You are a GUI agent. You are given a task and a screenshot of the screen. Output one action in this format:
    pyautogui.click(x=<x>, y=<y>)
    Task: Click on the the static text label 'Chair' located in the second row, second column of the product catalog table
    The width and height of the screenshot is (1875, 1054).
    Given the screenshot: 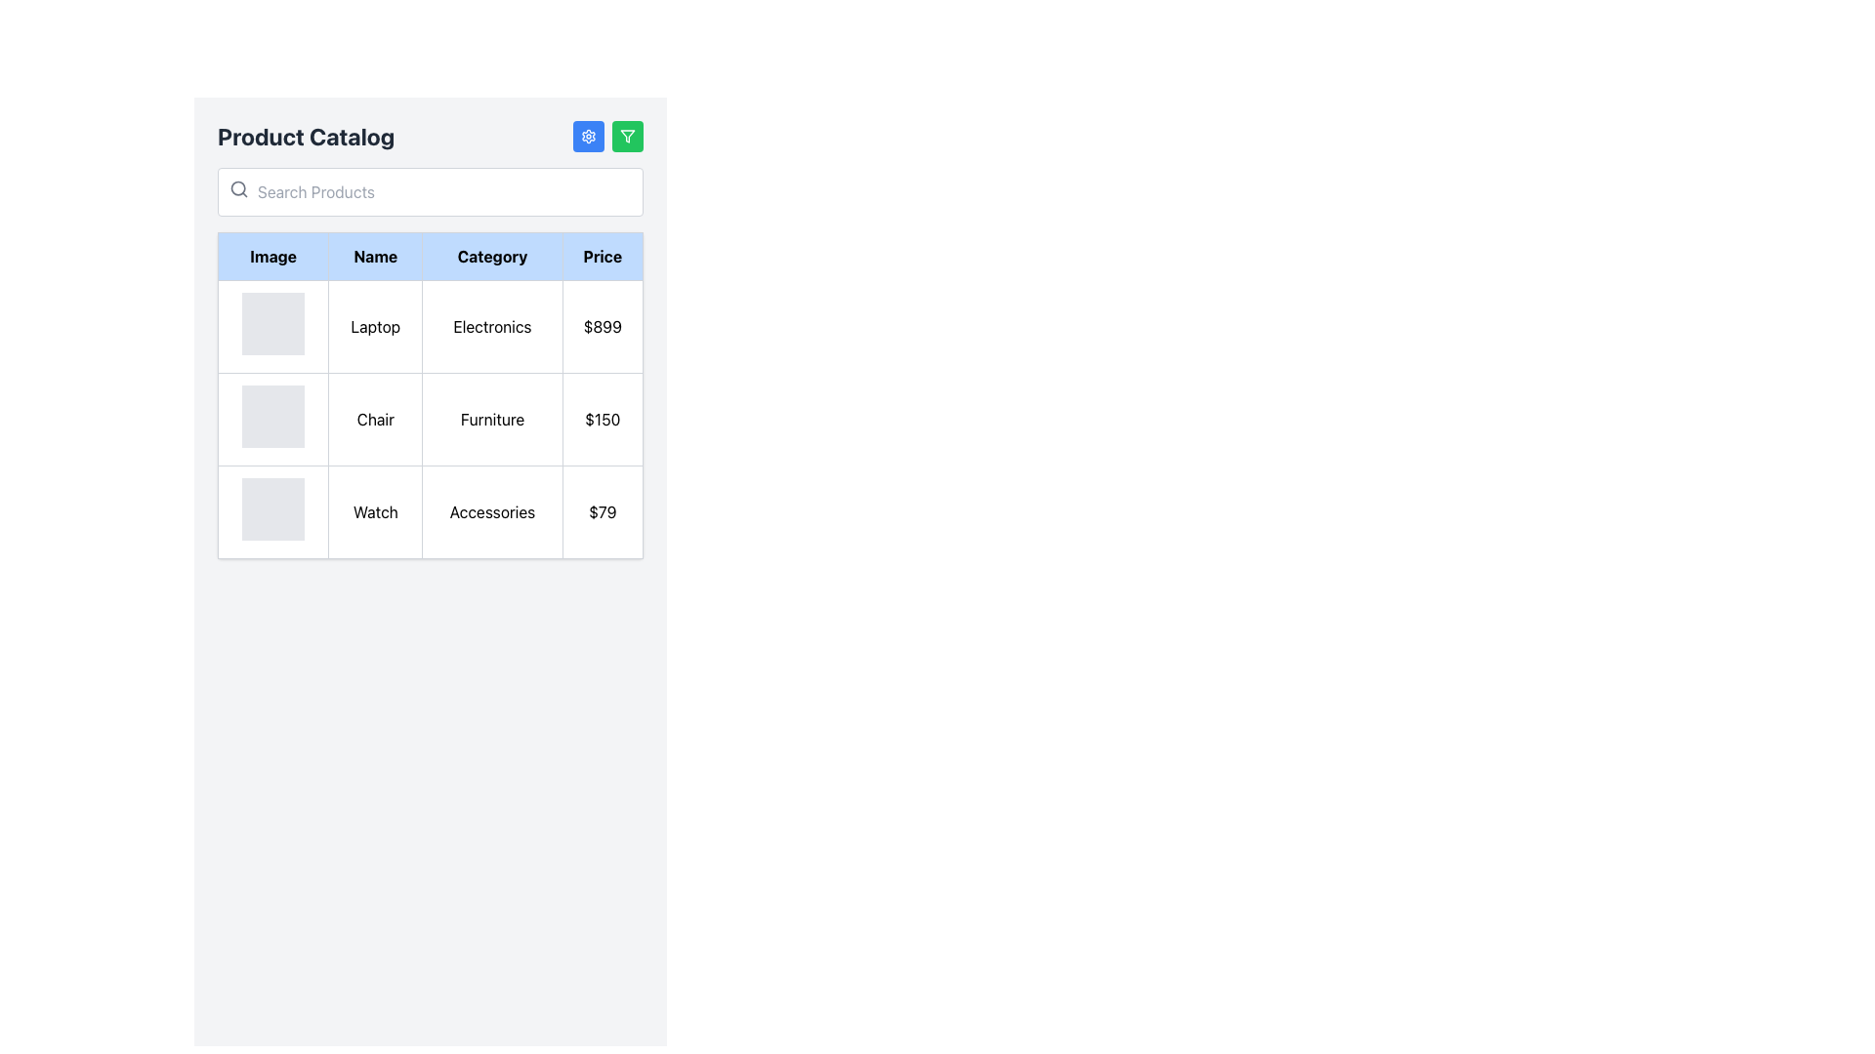 What is the action you would take?
    pyautogui.click(x=375, y=418)
    